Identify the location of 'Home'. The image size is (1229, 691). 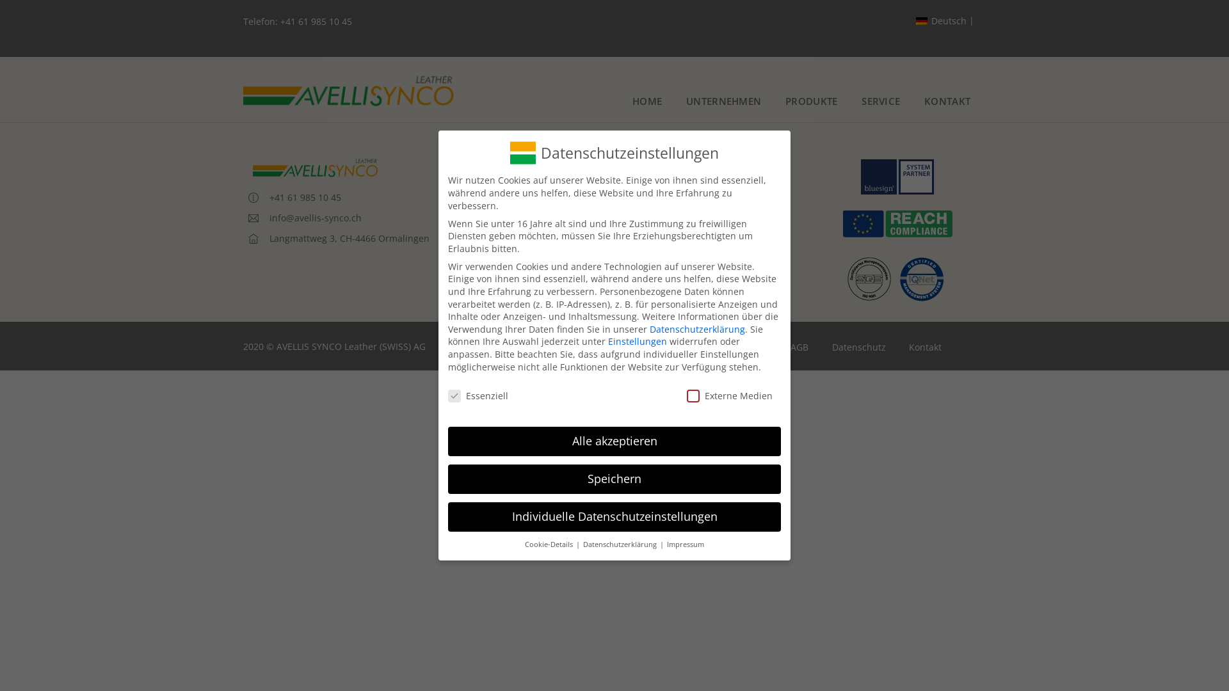
(682, 347).